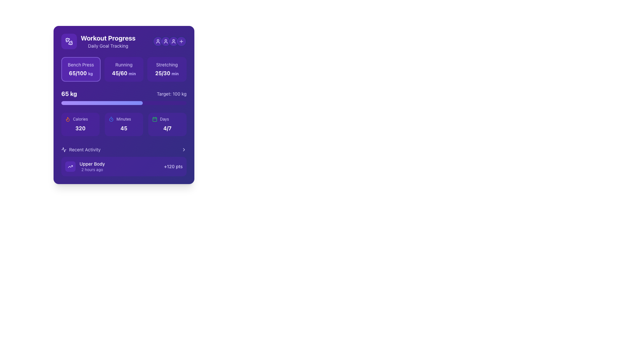  What do you see at coordinates (124, 65) in the screenshot?
I see `the 'Running' text label located in the top section of the second exercise activity card within the 'Workout Progress' panel` at bounding box center [124, 65].